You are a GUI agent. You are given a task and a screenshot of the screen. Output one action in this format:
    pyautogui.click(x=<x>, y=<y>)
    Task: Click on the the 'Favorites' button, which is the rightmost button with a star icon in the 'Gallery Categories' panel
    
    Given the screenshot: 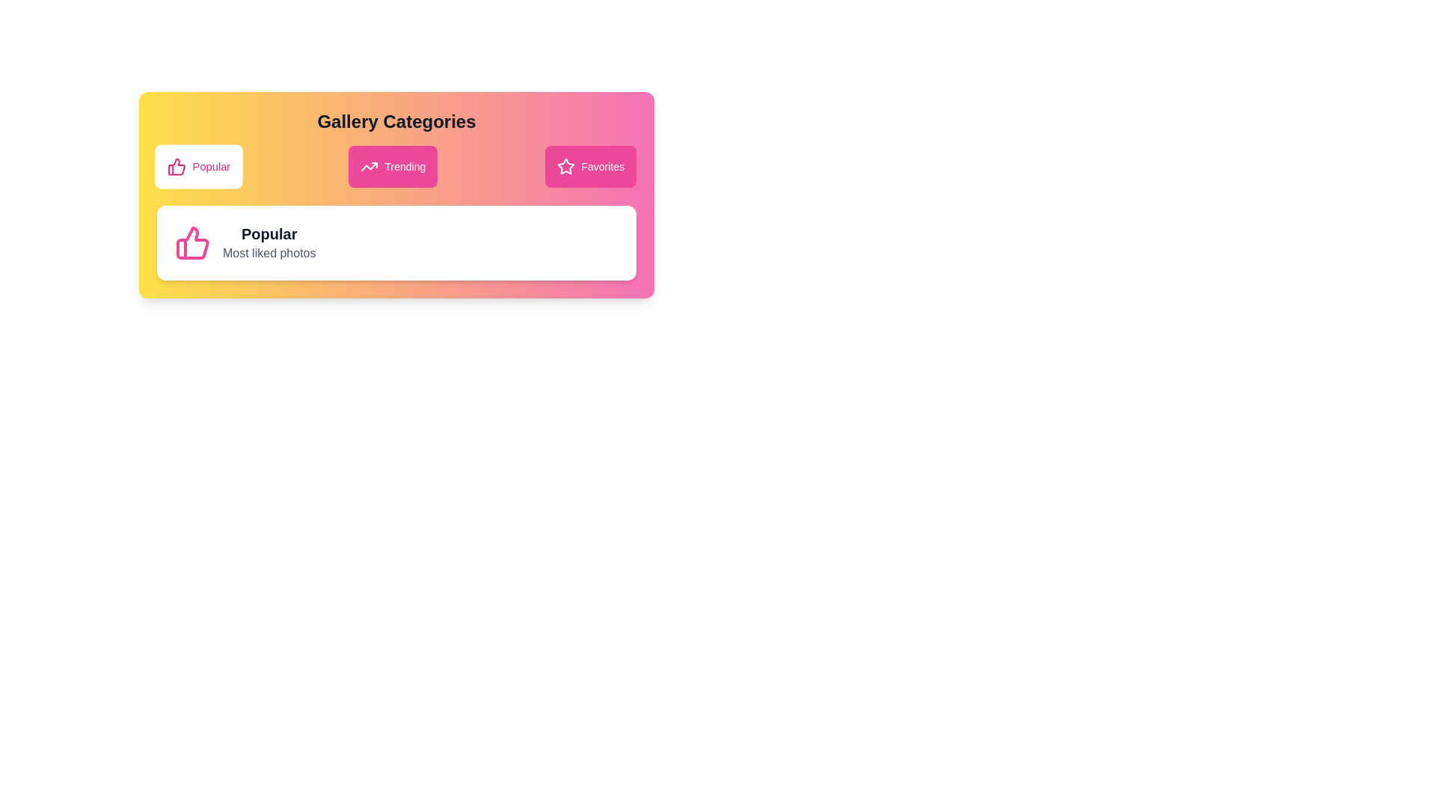 What is the action you would take?
    pyautogui.click(x=565, y=166)
    